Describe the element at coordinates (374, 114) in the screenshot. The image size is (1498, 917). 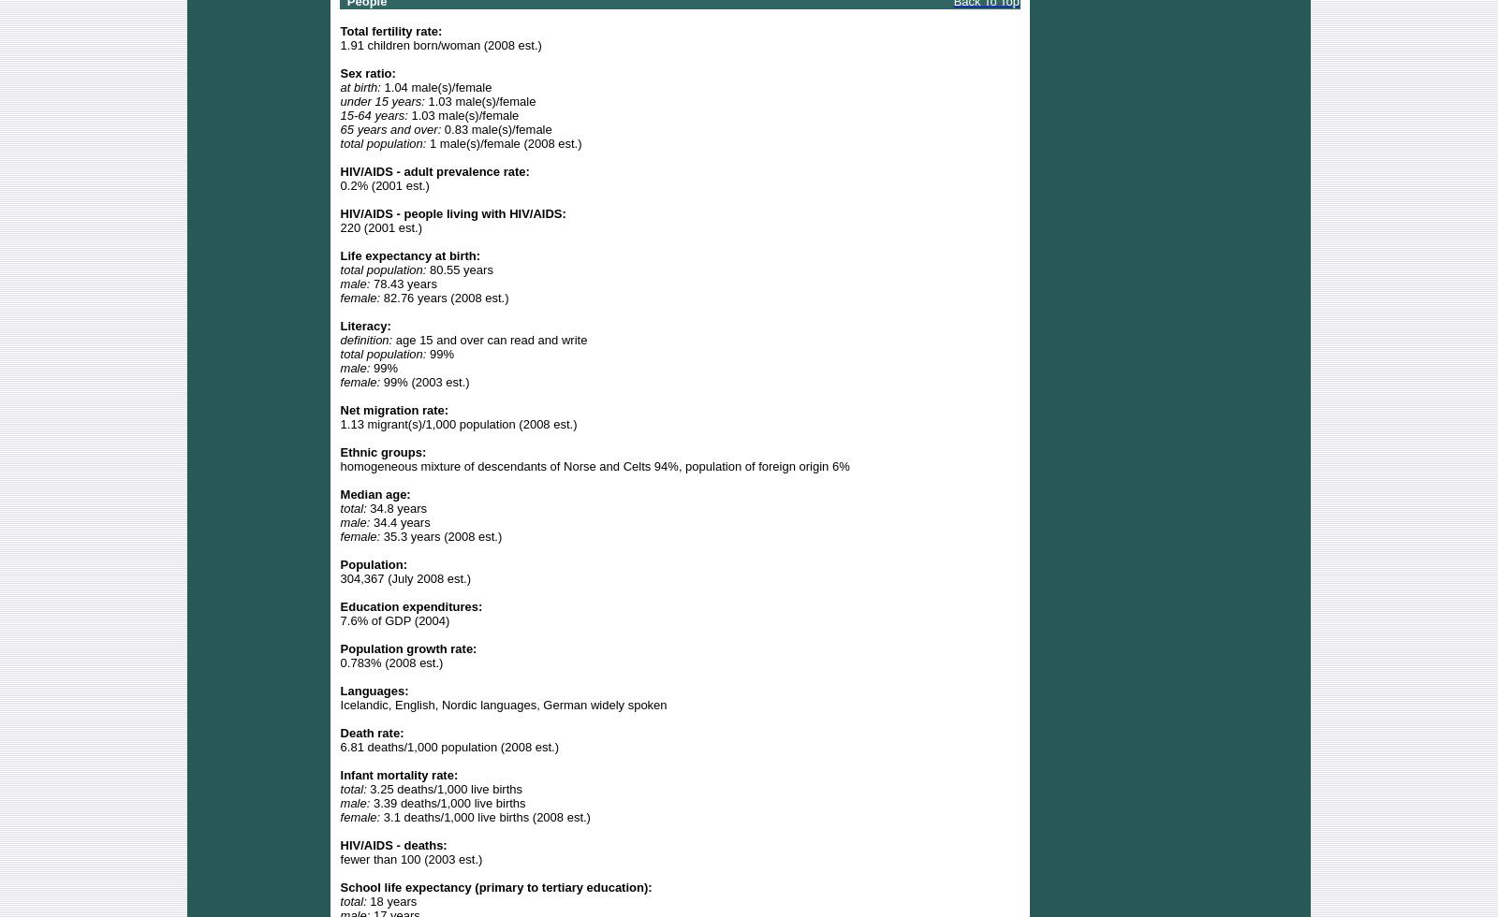
I see `'15-64 years:'` at that location.